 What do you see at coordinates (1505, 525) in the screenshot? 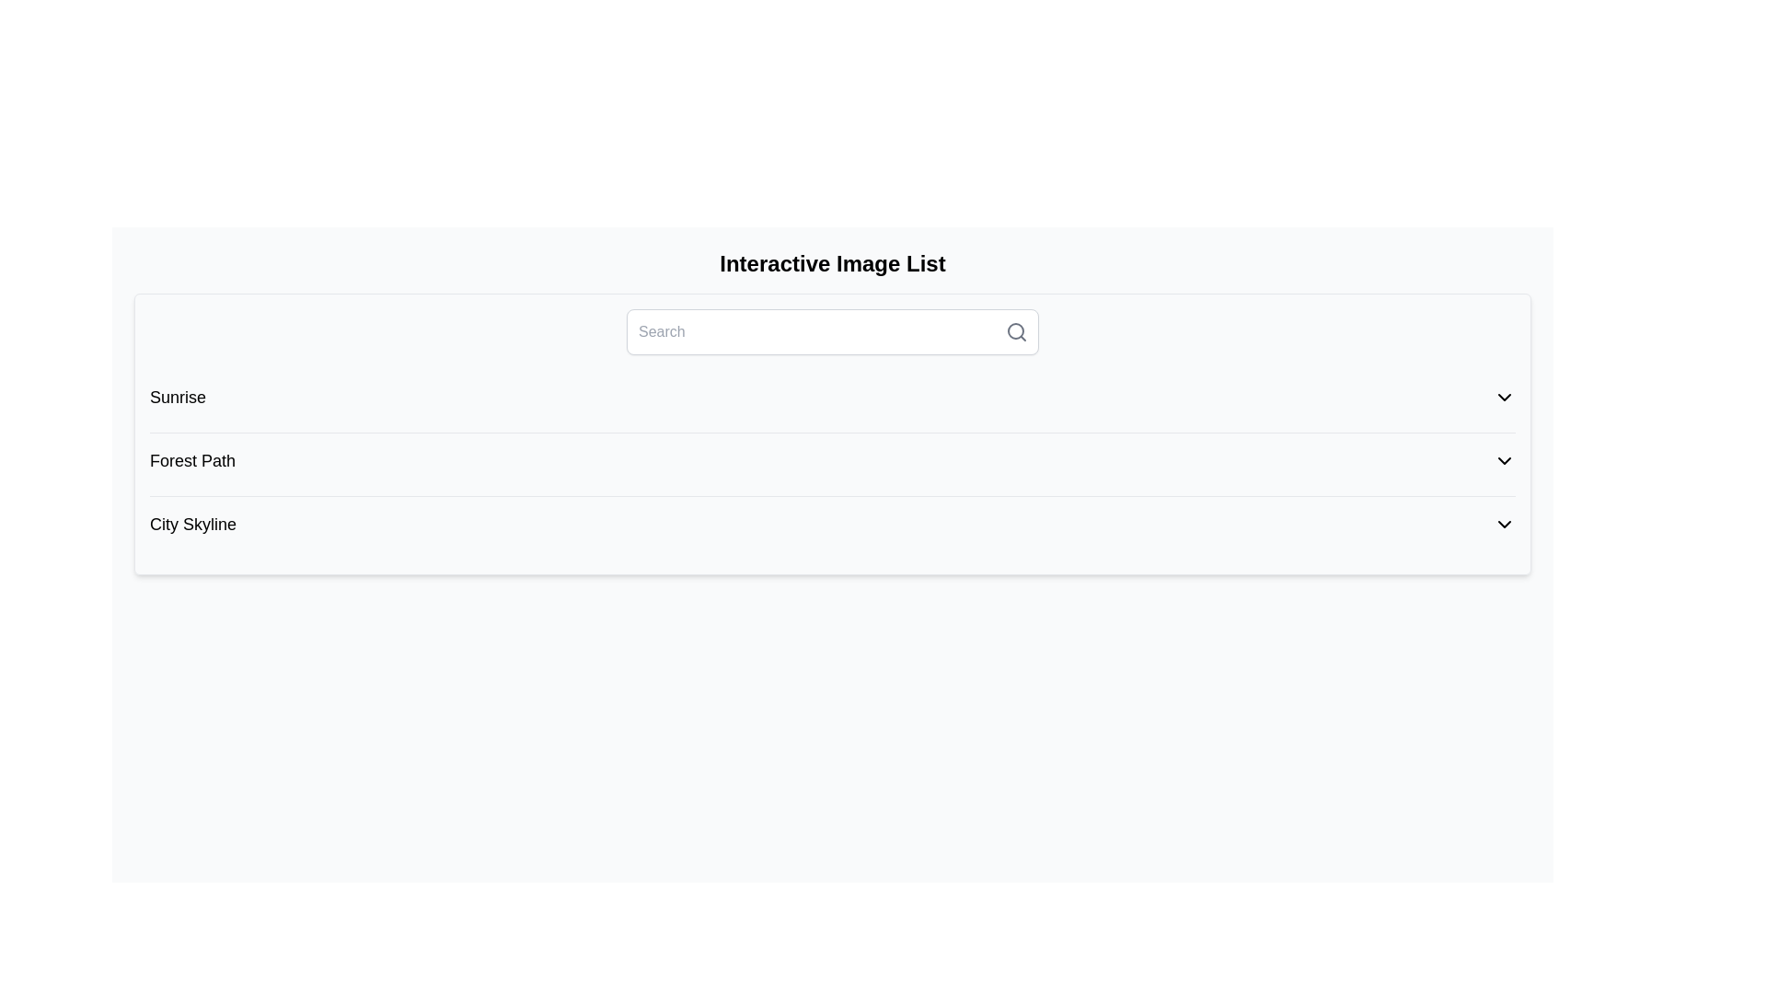
I see `the chevron symbol located at the far right of the 'City Skyline' entry` at bounding box center [1505, 525].